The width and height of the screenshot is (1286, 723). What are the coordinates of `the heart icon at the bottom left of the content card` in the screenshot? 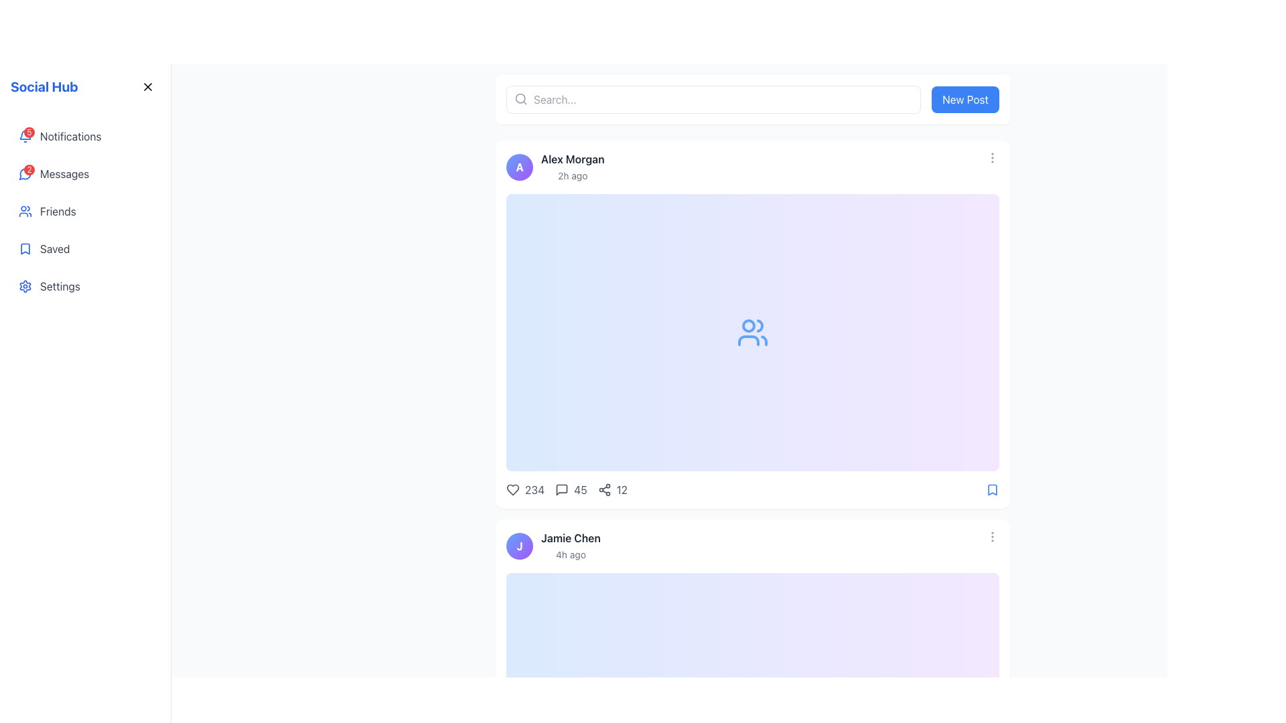 It's located at (524, 490).